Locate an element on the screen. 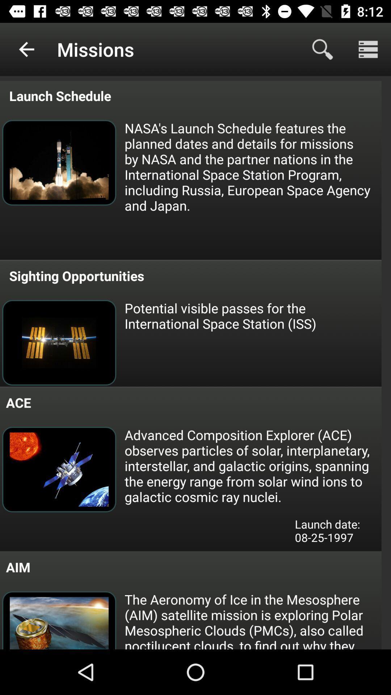 The height and width of the screenshot is (695, 391). icon above advanced composition explorer item is located at coordinates (252, 316).